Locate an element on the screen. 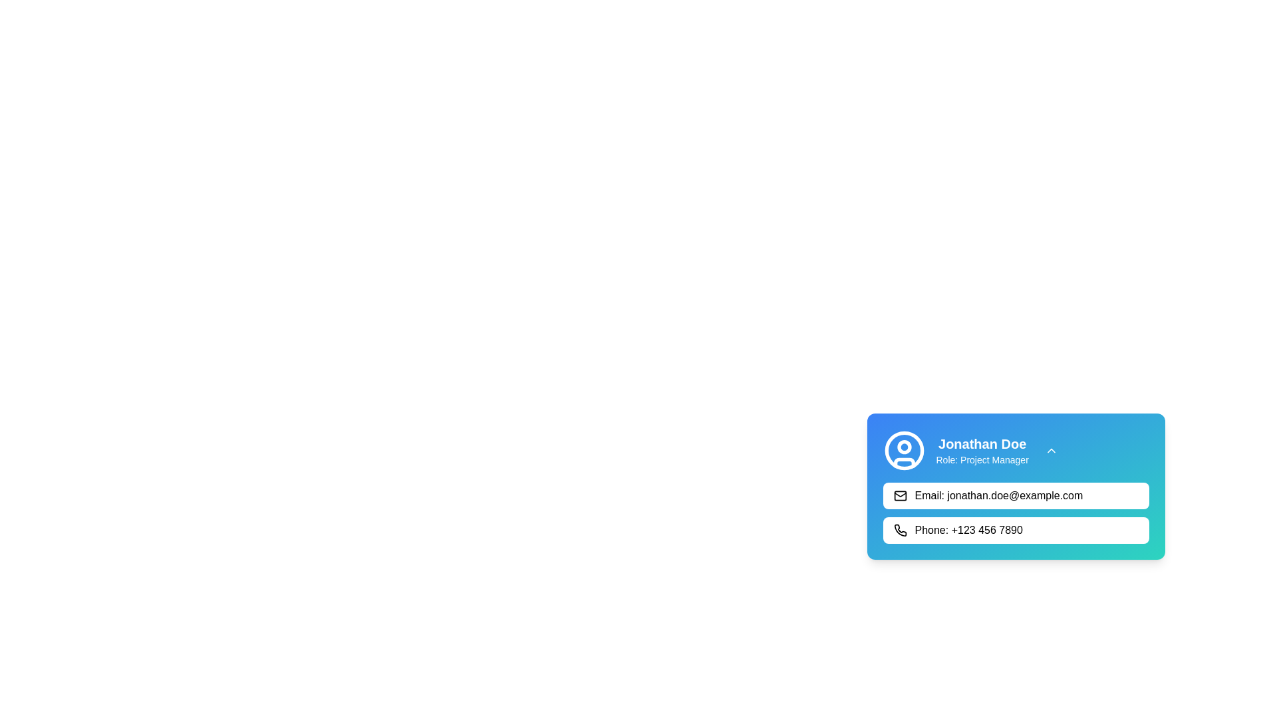 This screenshot has width=1277, height=718. the clickable information block displaying the contact email of user Jonathan Doe is located at coordinates (1015, 495).